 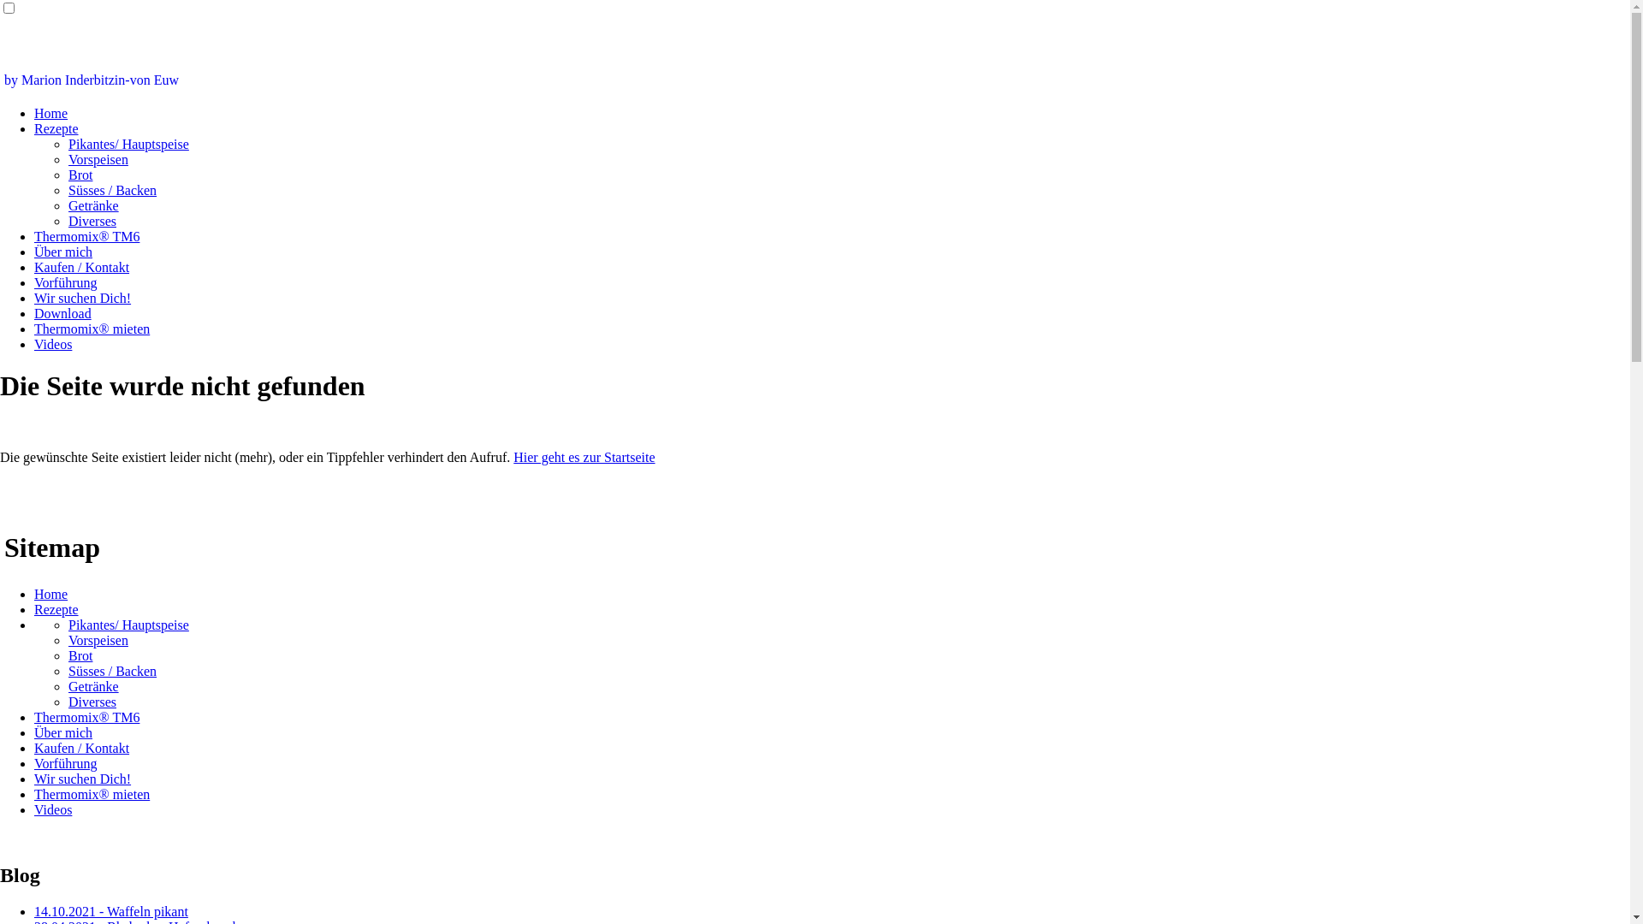 What do you see at coordinates (98, 640) in the screenshot?
I see `'Vorspeisen'` at bounding box center [98, 640].